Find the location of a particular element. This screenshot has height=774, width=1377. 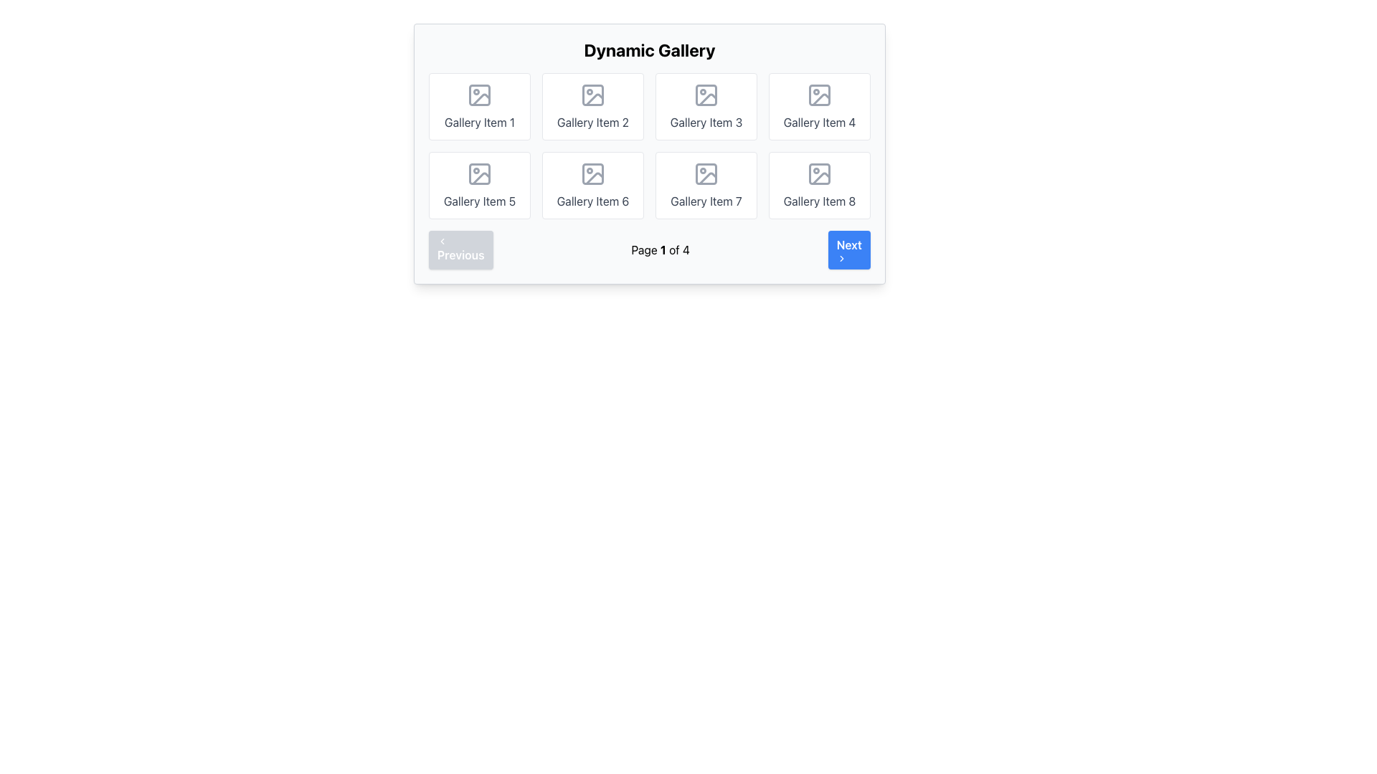

the visual card representing 'Gallery Item 5', located in the second row, first column of the gallery grid is located at coordinates (479, 184).